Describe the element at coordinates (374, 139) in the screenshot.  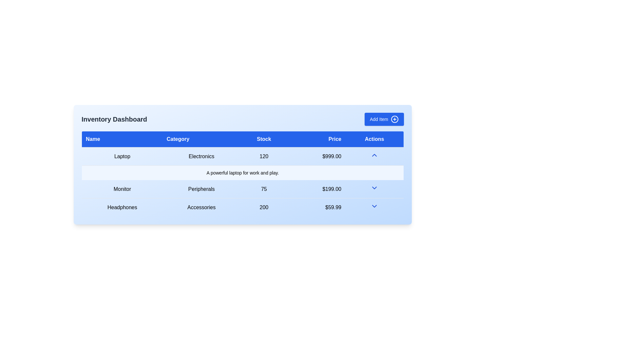
I see `the header text label for the 'Actions' column in the table, located at the last cell of the header row following 'Name', 'Category', 'Stock', and 'Price'` at that location.